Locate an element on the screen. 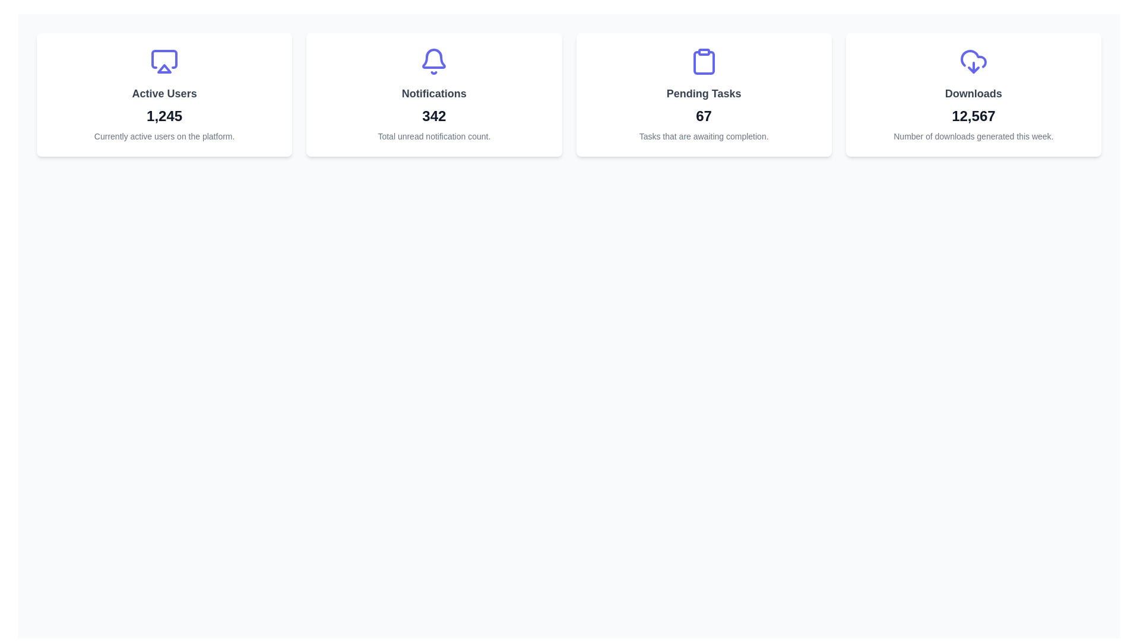  the 'Pending Tasks' heading text, which is bold, grayish, and prominently displayed above the numerical indicator '67' in the card layout is located at coordinates (704, 93).